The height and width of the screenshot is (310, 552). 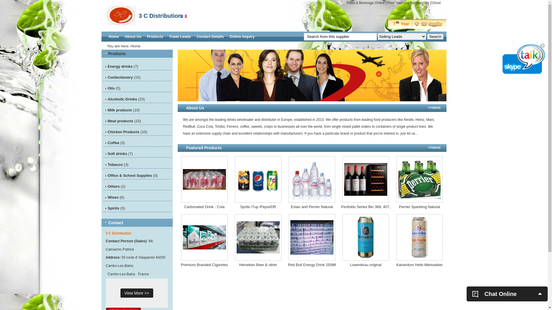 I want to click on 'Online Inquiry', so click(x=242, y=36).